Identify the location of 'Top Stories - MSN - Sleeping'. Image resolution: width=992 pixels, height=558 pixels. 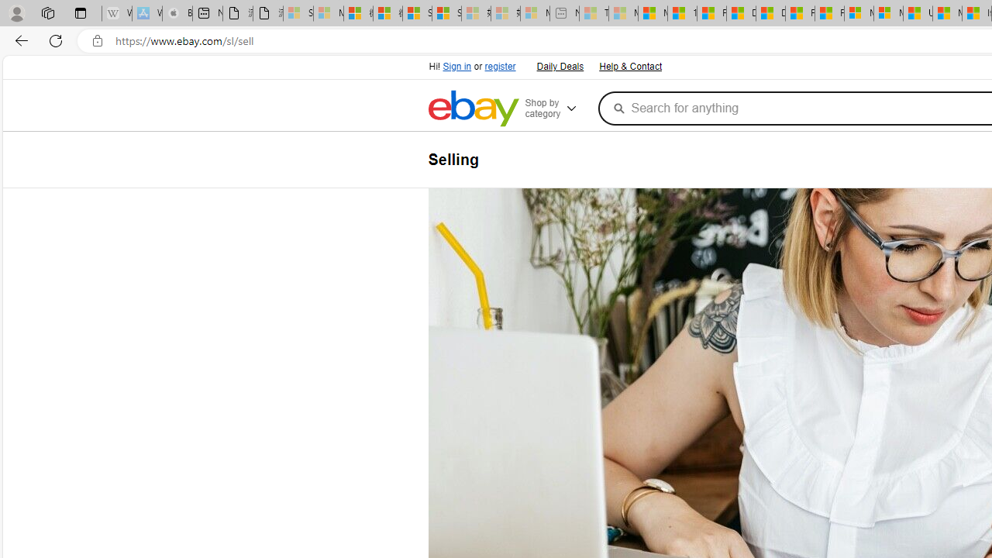
(593, 13).